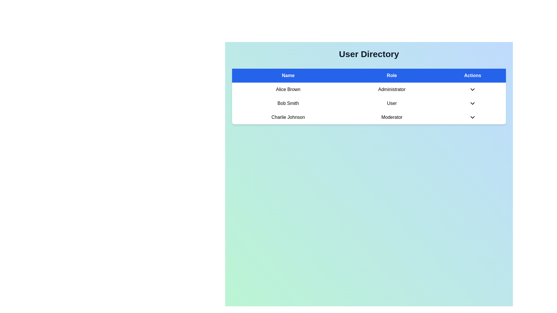  I want to click on the dropdown trigger icon located in the 'Actions' column under the 'Administrator' role, so click(473, 89).